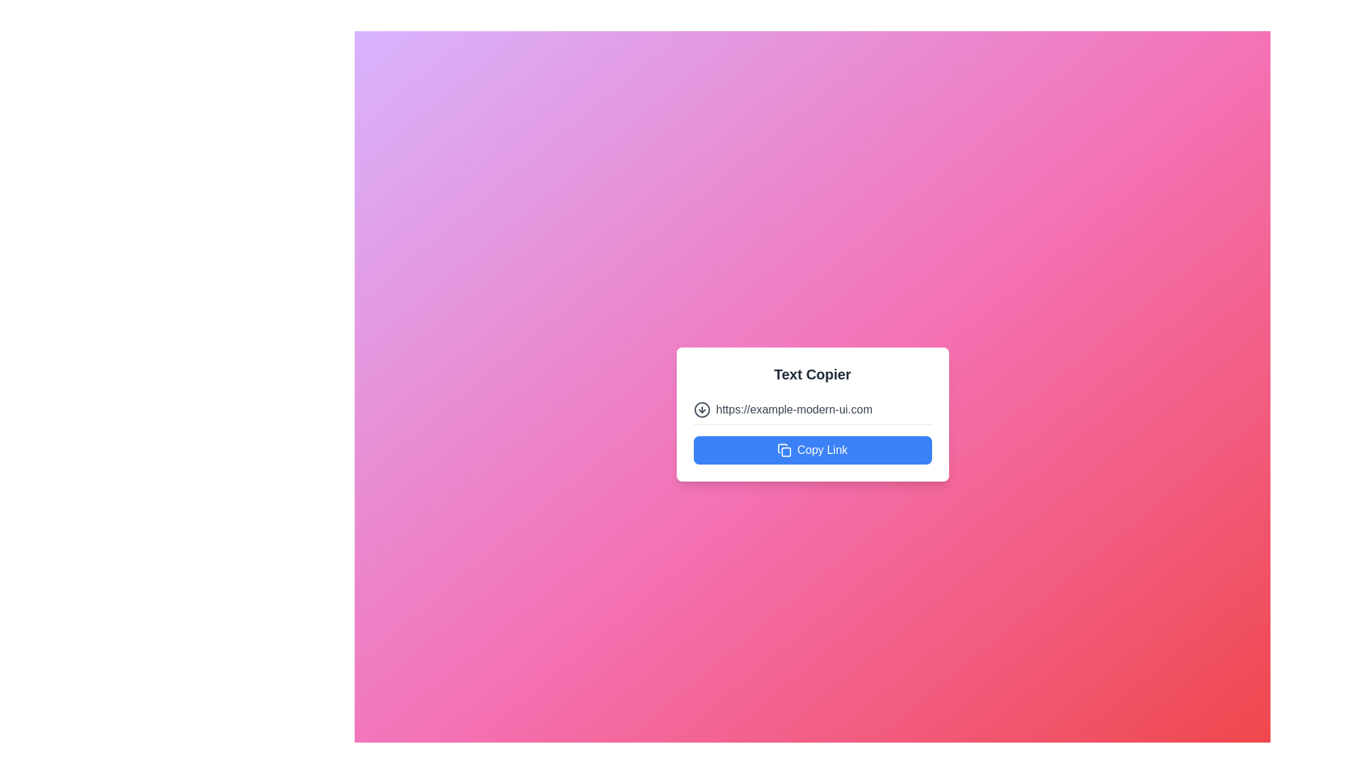 This screenshot has width=1362, height=766. I want to click on the decorative circular element located in the center of the downward arrow icon within the text copier card area, so click(702, 409).